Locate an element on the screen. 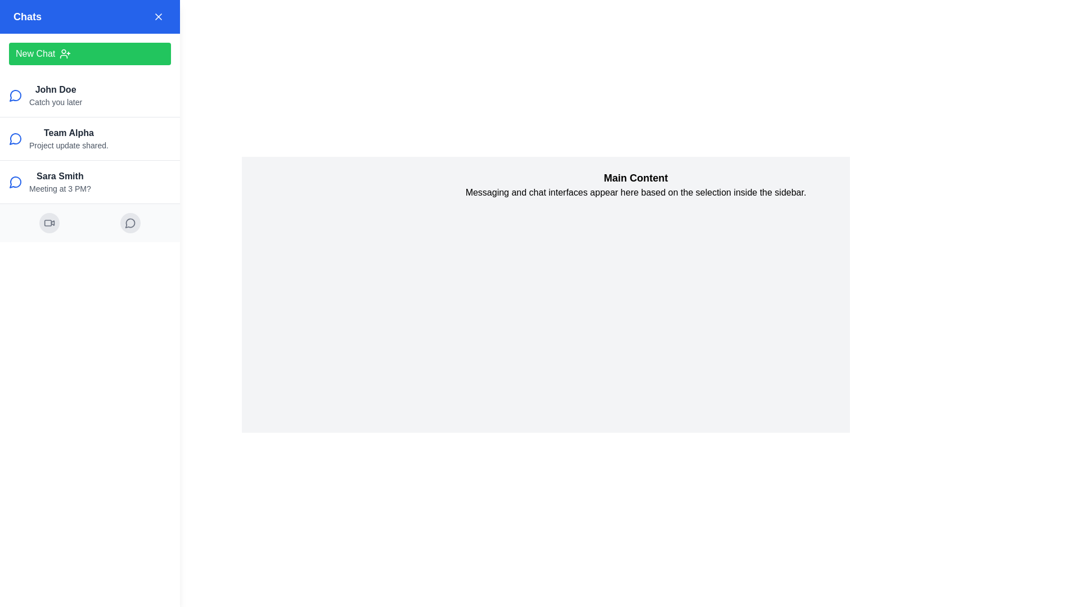 Image resolution: width=1080 pixels, height=607 pixels. the text display that shows 'Catch you later' located below 'John Doe' in the chat sidebar is located at coordinates (55, 102).